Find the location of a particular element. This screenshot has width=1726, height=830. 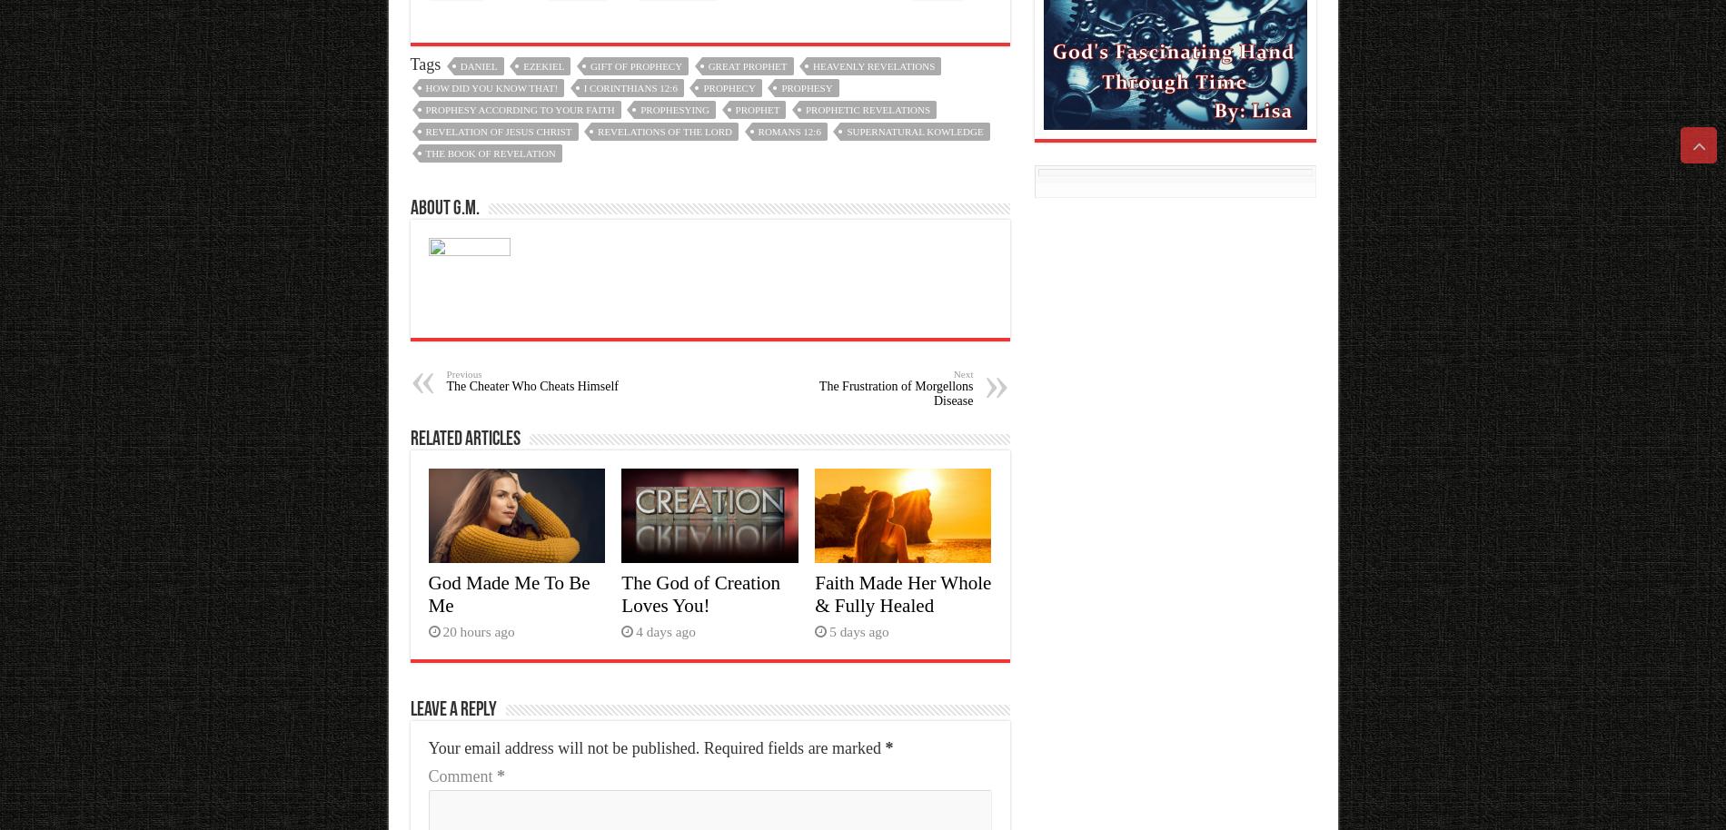

'How did you know that!' is located at coordinates (491, 87).